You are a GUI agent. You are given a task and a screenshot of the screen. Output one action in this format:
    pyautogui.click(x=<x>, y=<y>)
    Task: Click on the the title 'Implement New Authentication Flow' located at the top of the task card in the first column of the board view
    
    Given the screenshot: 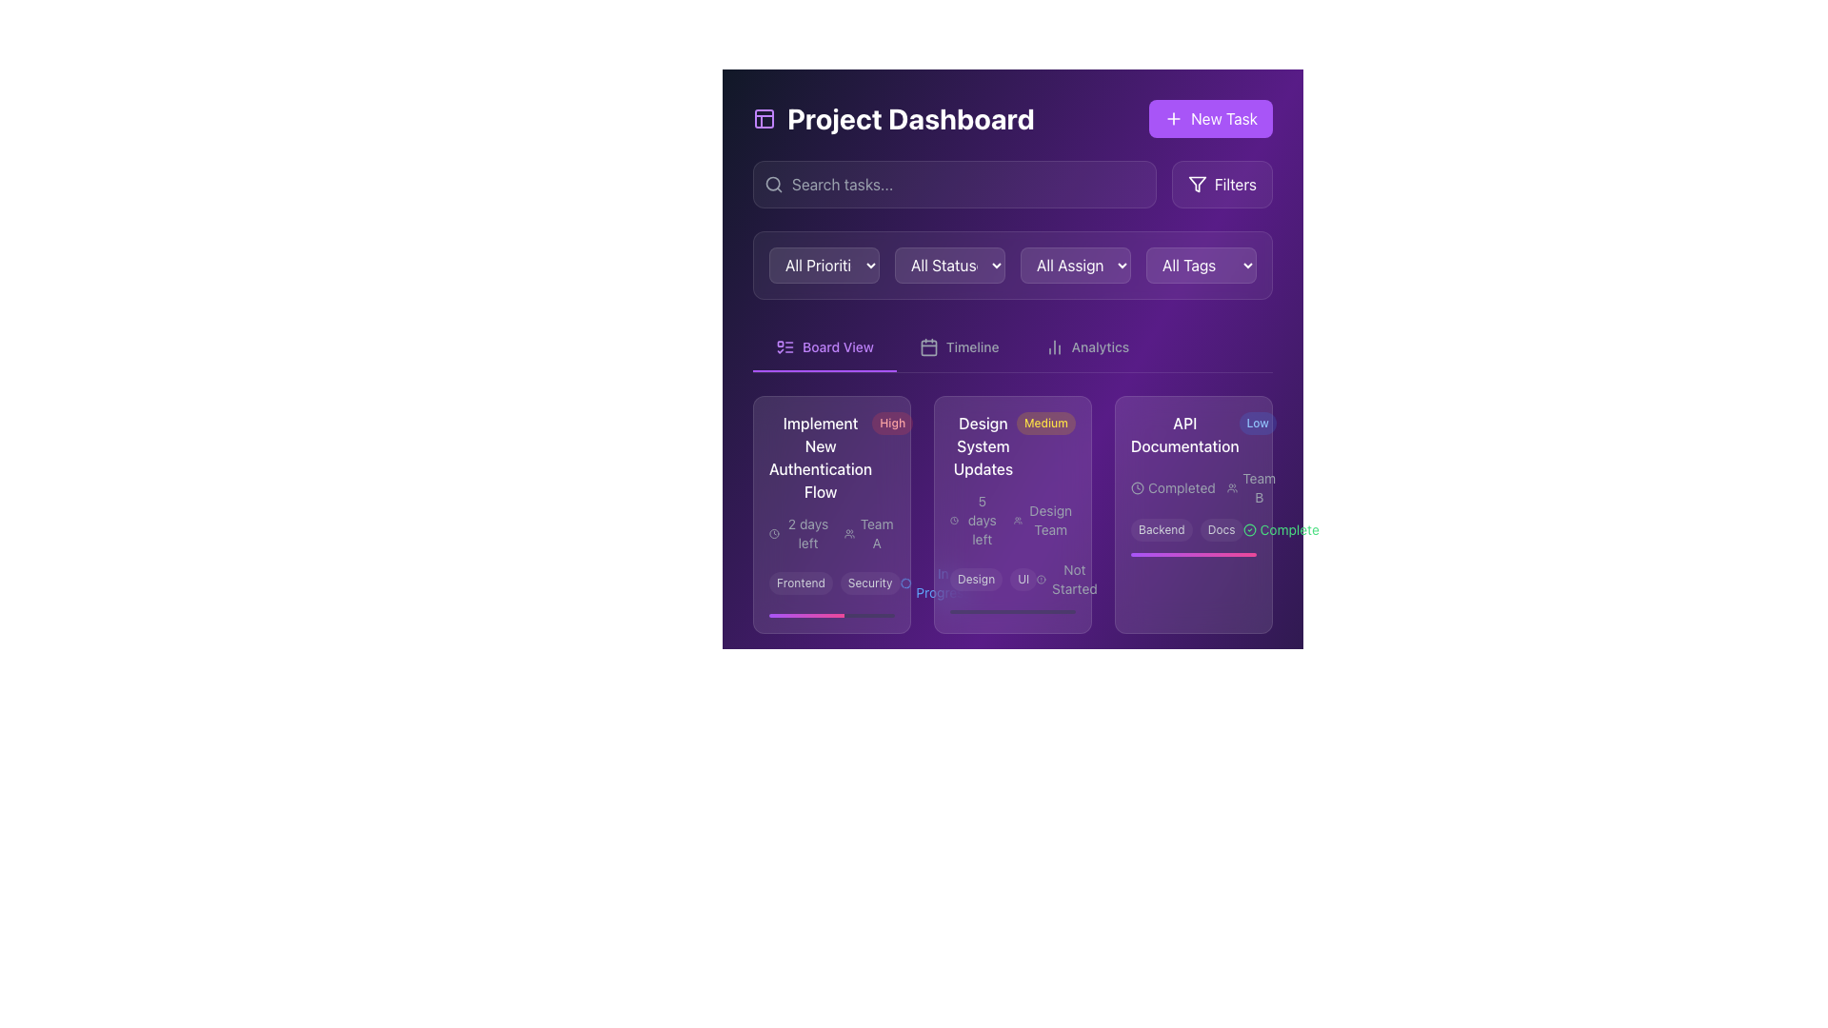 What is the action you would take?
    pyautogui.click(x=831, y=458)
    